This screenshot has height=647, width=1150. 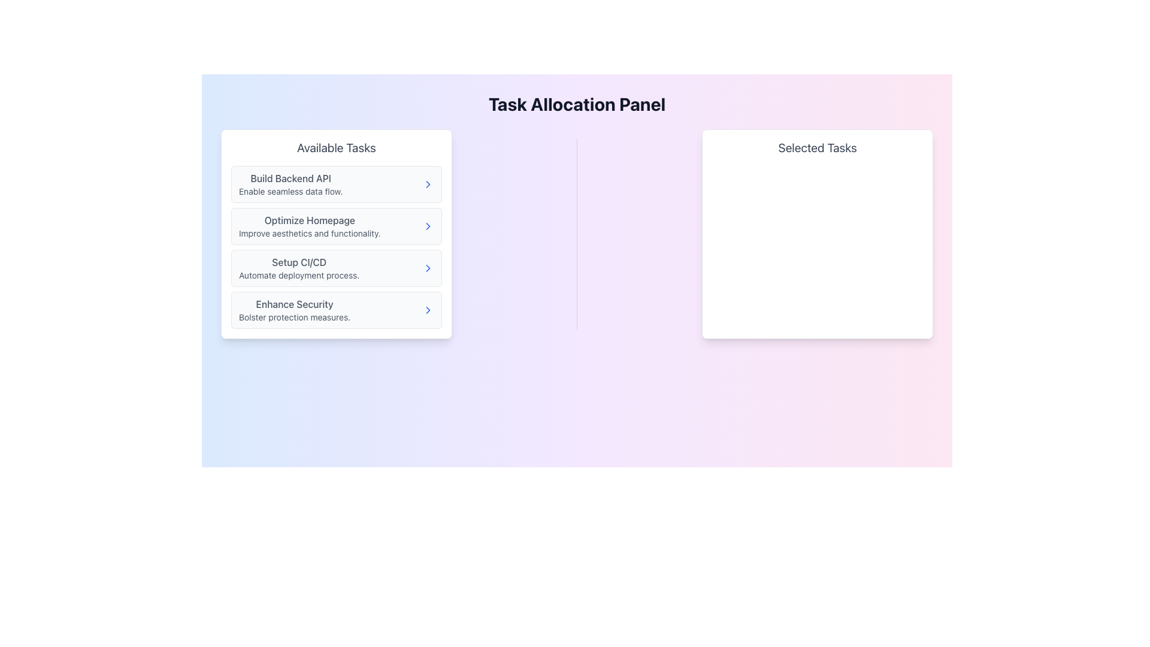 What do you see at coordinates (577, 103) in the screenshot?
I see `text from the header component displaying 'Task Allocation Panel', which is prominently located at the top of the interface` at bounding box center [577, 103].